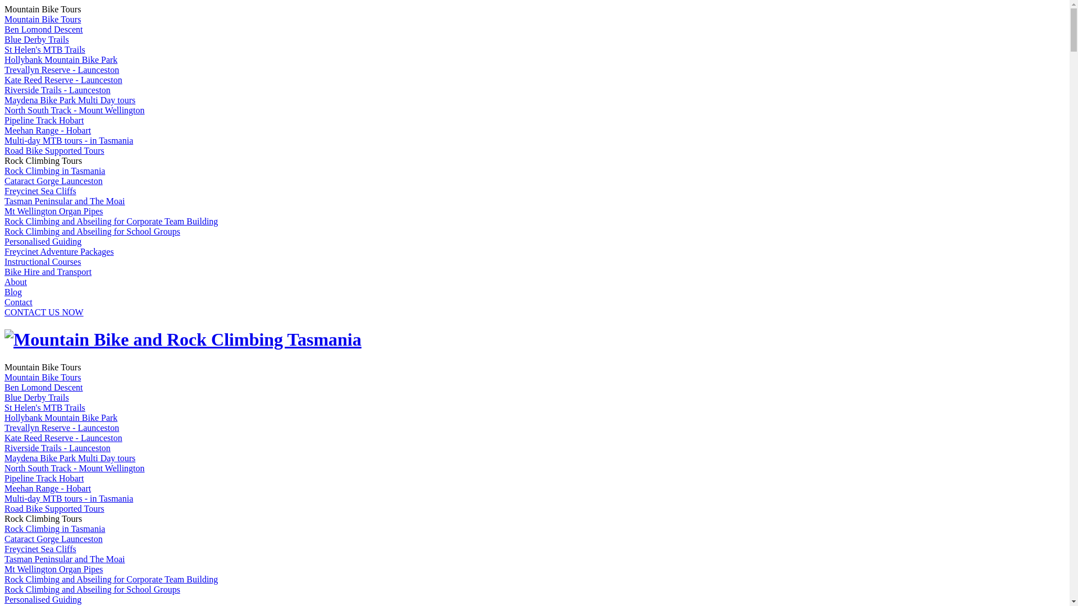 This screenshot has width=1078, height=606. I want to click on 'Cataract Gorge Launceston', so click(4, 538).